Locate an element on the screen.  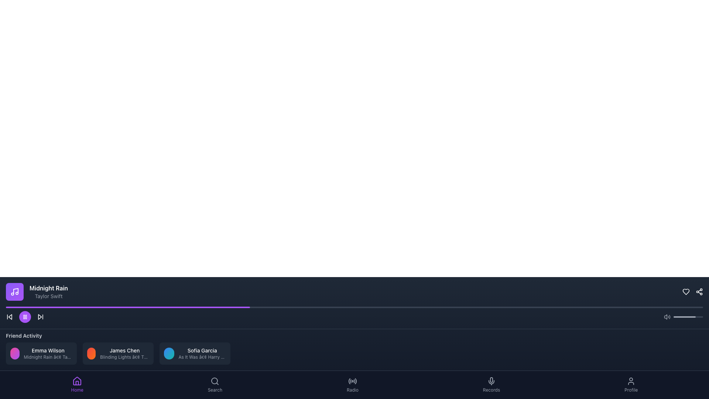
displayed text on the Static content display card featuring 'Emma Wilson' and 'Midnight Rain • Taylor Swift' in the 'Friend Activity' section is located at coordinates (41, 353).